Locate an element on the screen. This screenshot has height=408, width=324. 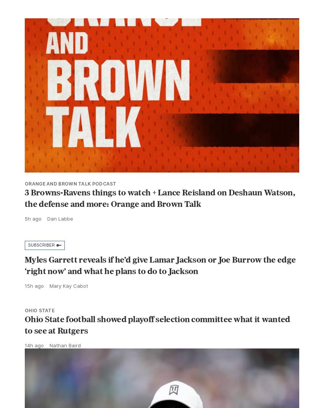
'5h ago' is located at coordinates (33, 235).